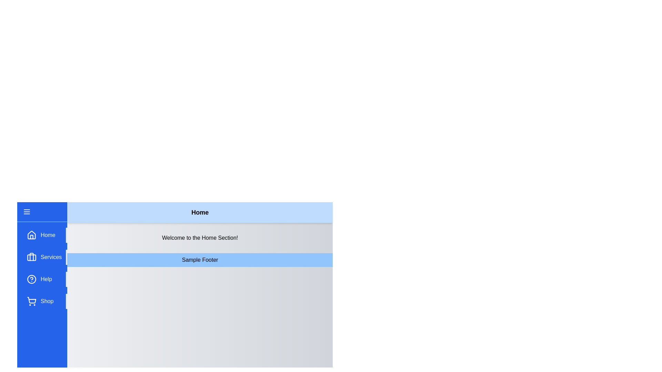 The height and width of the screenshot is (372, 662). Describe the element at coordinates (44, 257) in the screenshot. I see `the rectangular blue button with a briefcase icon and 'Services' text` at that location.